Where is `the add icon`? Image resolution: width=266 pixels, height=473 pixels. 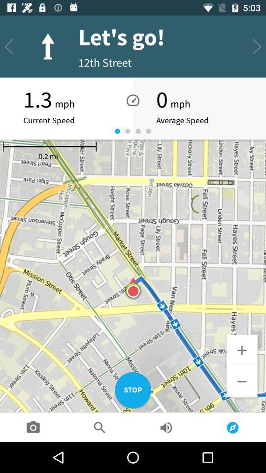 the add icon is located at coordinates (241, 350).